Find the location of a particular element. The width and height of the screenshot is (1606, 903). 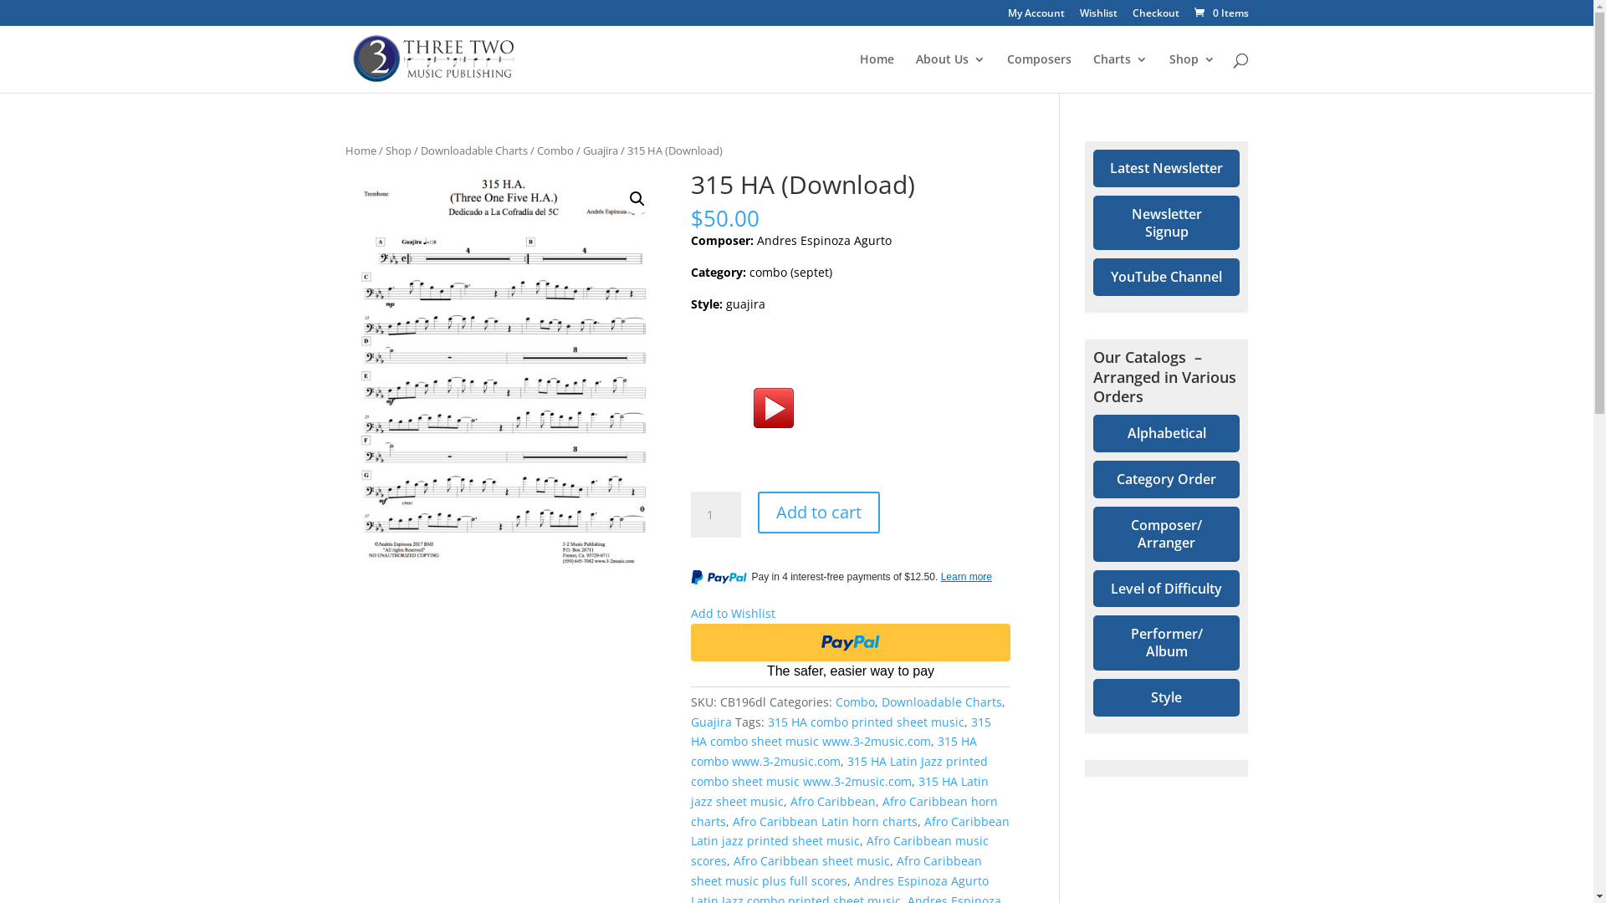

'Newsletter Signup' is located at coordinates (1165, 222).